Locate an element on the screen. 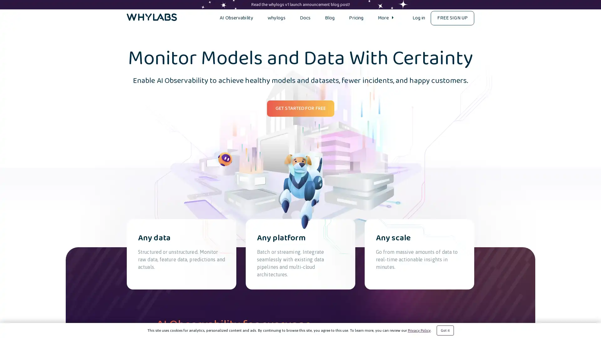 The height and width of the screenshot is (338, 601). Pricing is located at coordinates (356, 18).